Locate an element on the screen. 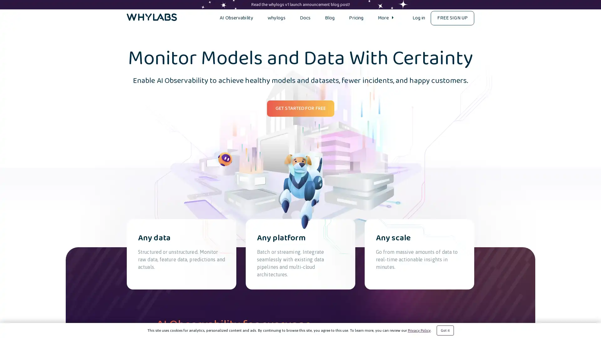 The height and width of the screenshot is (338, 601). Pricing is located at coordinates (356, 18).